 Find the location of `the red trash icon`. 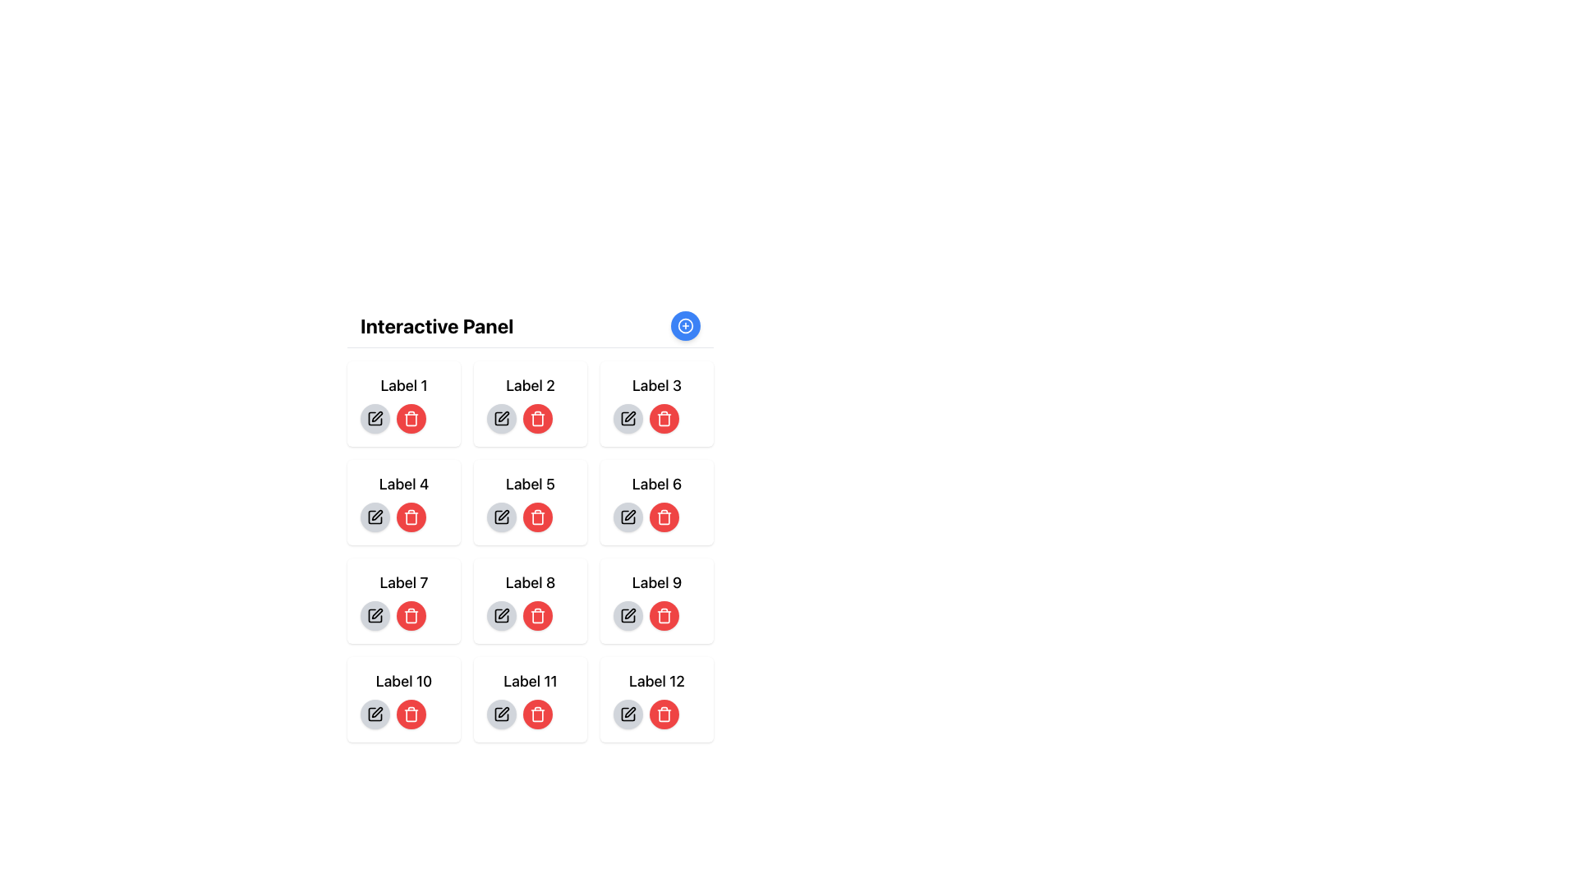

the red trash icon is located at coordinates (537, 715).